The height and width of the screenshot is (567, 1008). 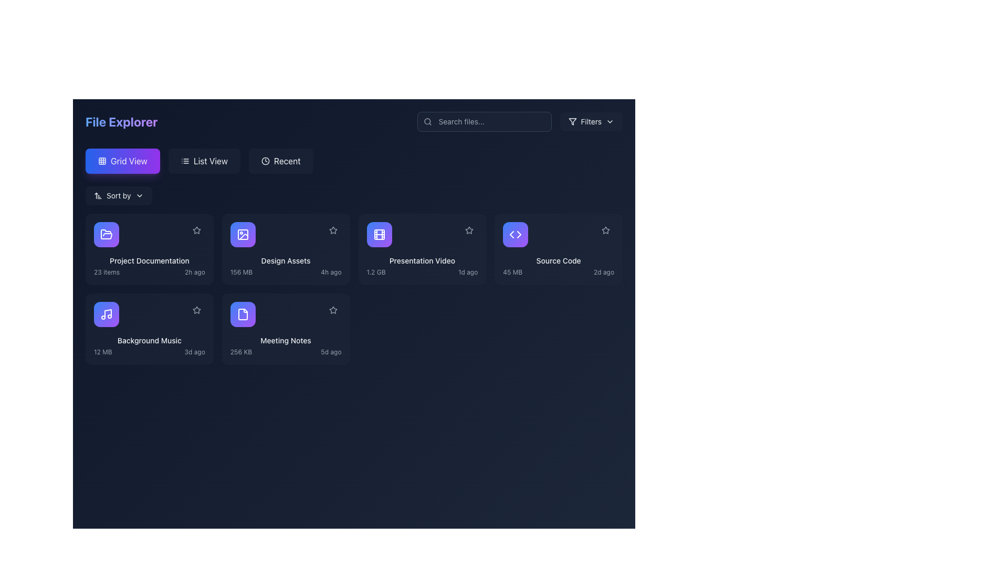 What do you see at coordinates (119, 196) in the screenshot?
I see `the 'Sort by' dropdown menu trigger, which is styled with a modern, minimalistic approach and located below the view buttons` at bounding box center [119, 196].